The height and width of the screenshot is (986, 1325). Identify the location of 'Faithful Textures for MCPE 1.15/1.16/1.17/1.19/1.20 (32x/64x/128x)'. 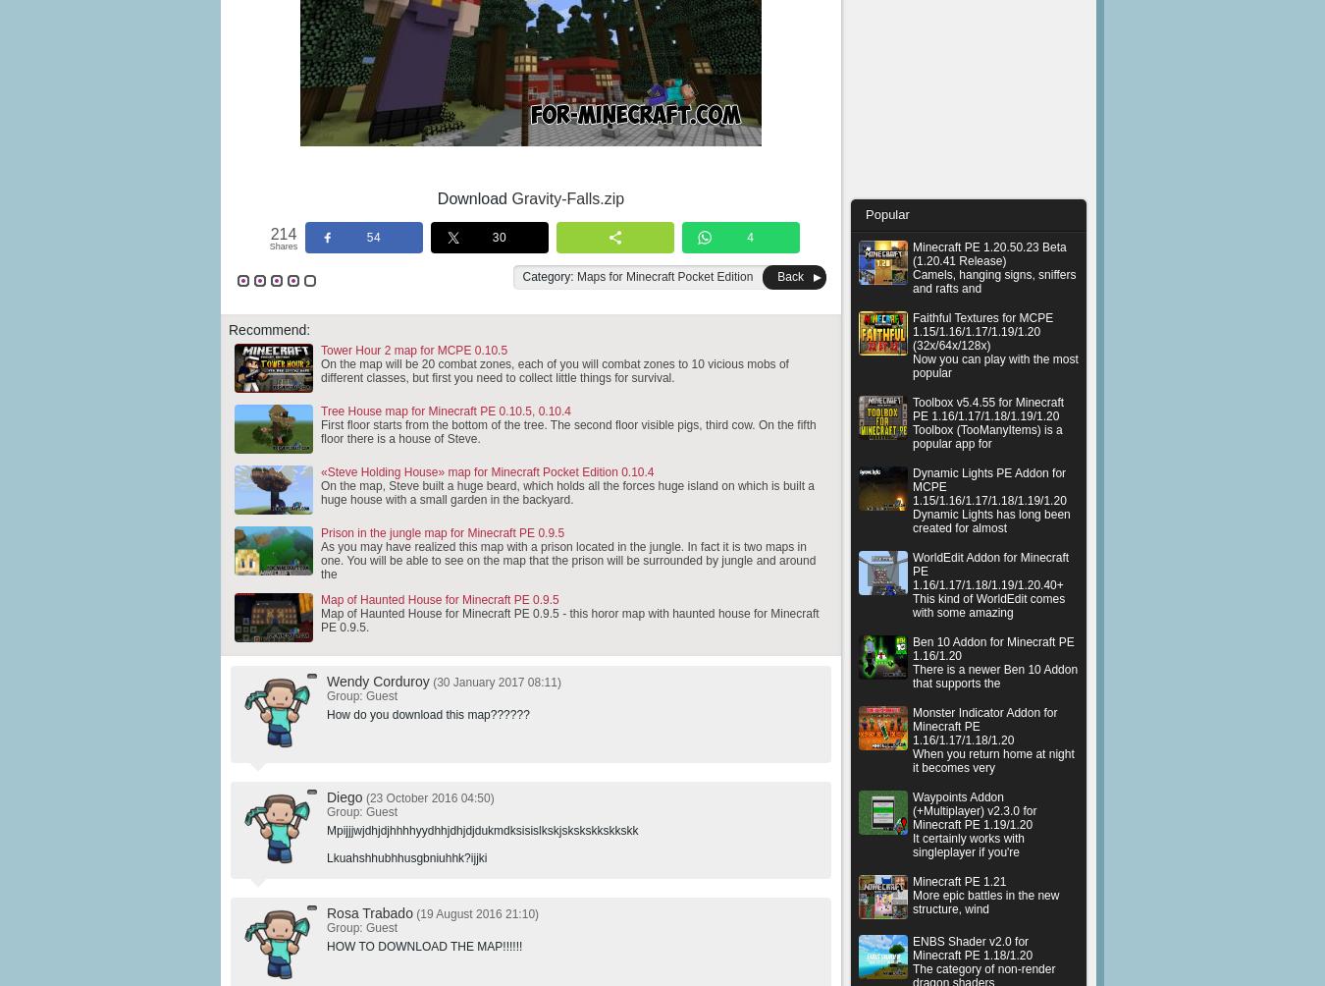
(912, 332).